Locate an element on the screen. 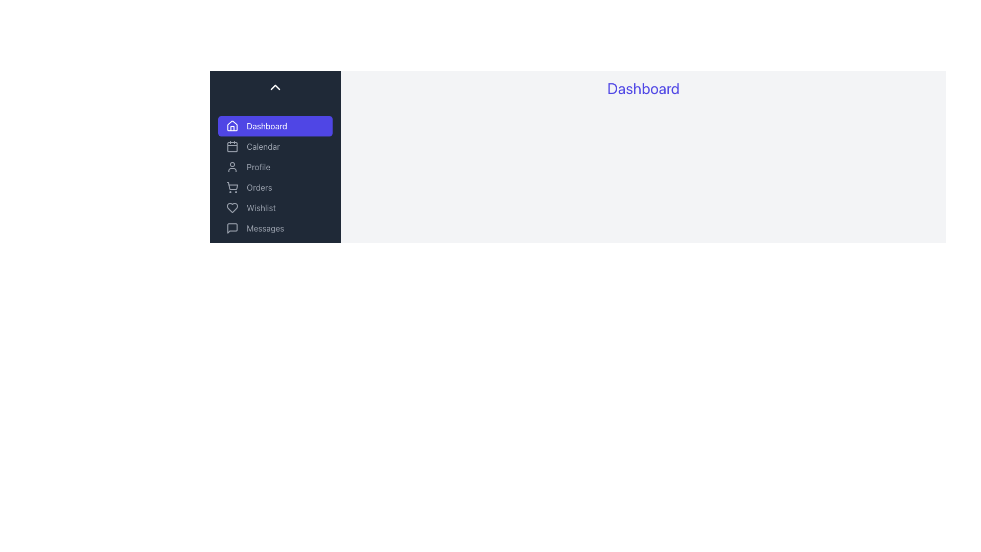  the wishlist or favorites icon located in the sidebar, which is the fifth item from the top, directly below the 'Orders' entry and above the 'Messages' entry is located at coordinates (232, 208).